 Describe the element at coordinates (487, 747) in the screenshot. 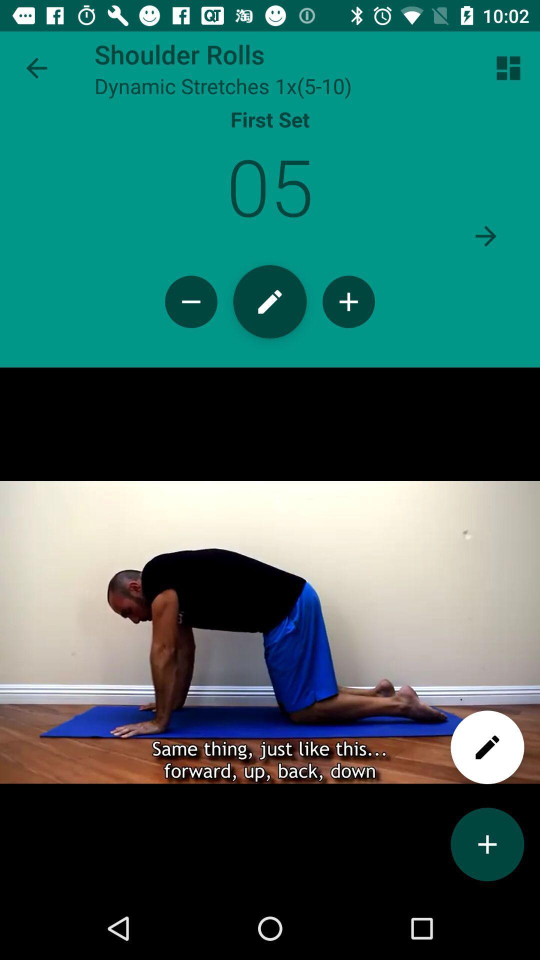

I see `edit option` at that location.